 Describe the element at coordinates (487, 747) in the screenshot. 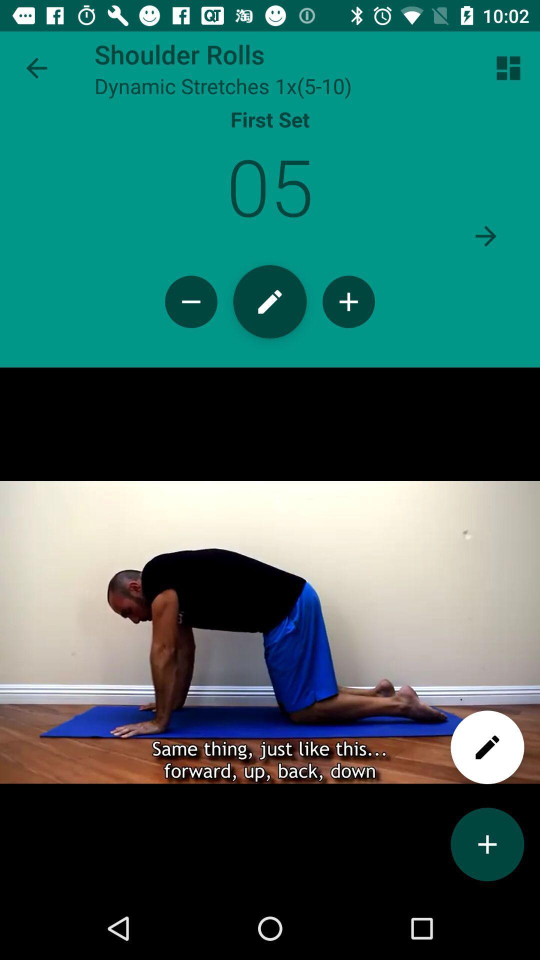

I see `edit option` at that location.